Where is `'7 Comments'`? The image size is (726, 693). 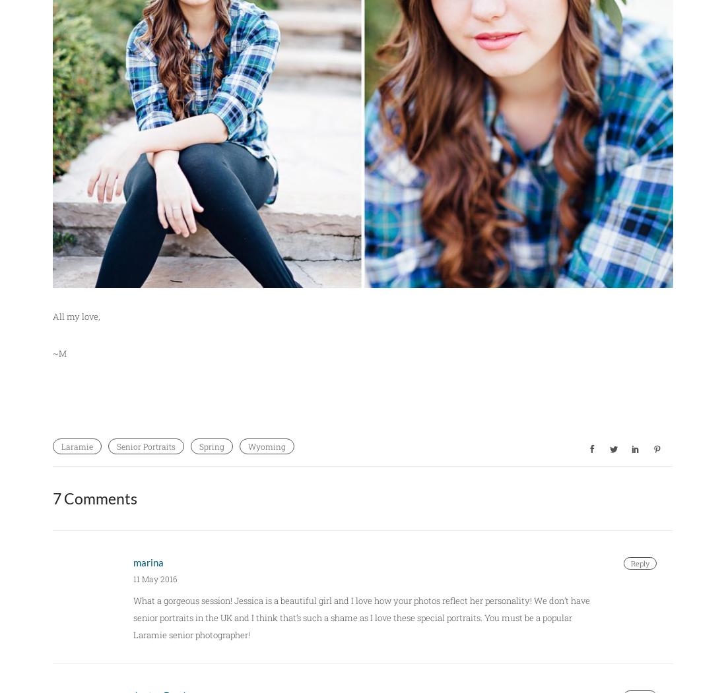
'7 Comments' is located at coordinates (94, 498).